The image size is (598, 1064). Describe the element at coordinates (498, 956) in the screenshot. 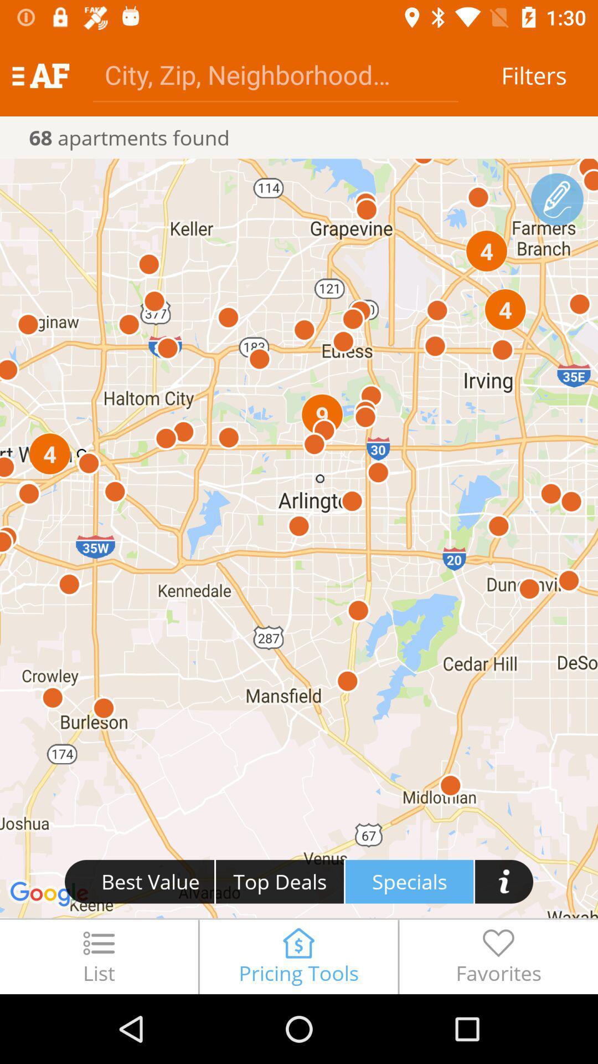

I see `the favorites` at that location.